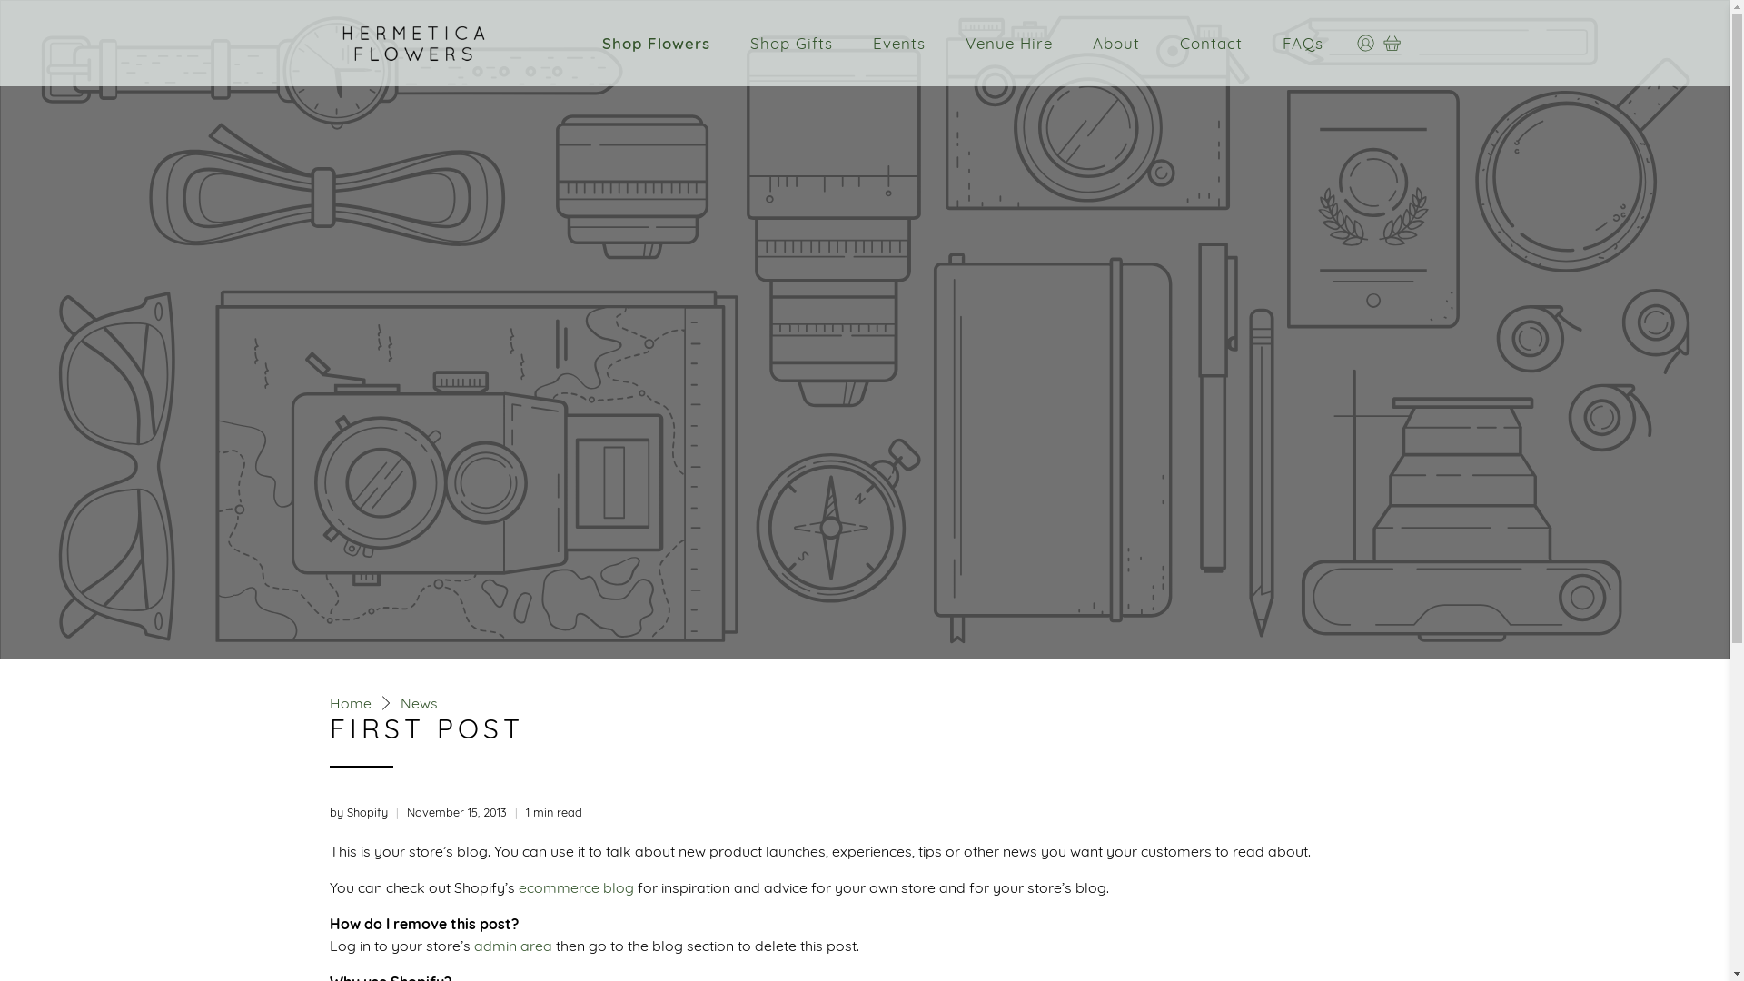 The image size is (1744, 981). Describe the element at coordinates (417, 702) in the screenshot. I see `'News'` at that location.